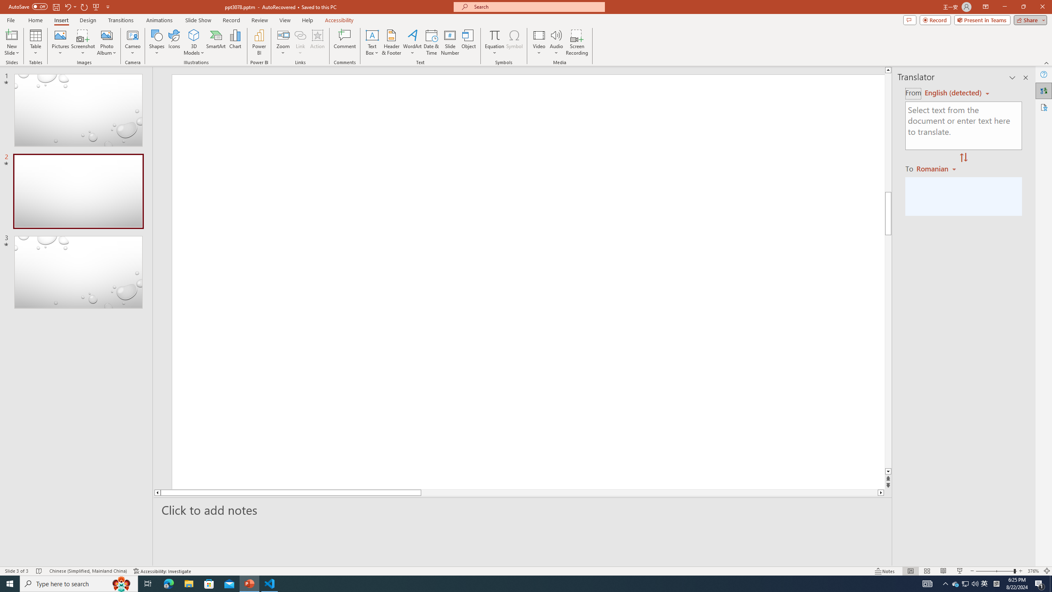 This screenshot has height=592, width=1052. Describe the element at coordinates (300, 42) in the screenshot. I see `'Link'` at that location.